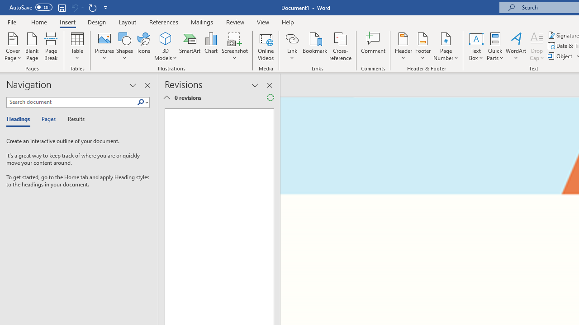 Image resolution: width=579 pixels, height=325 pixels. I want to click on 'Can', so click(74, 7).